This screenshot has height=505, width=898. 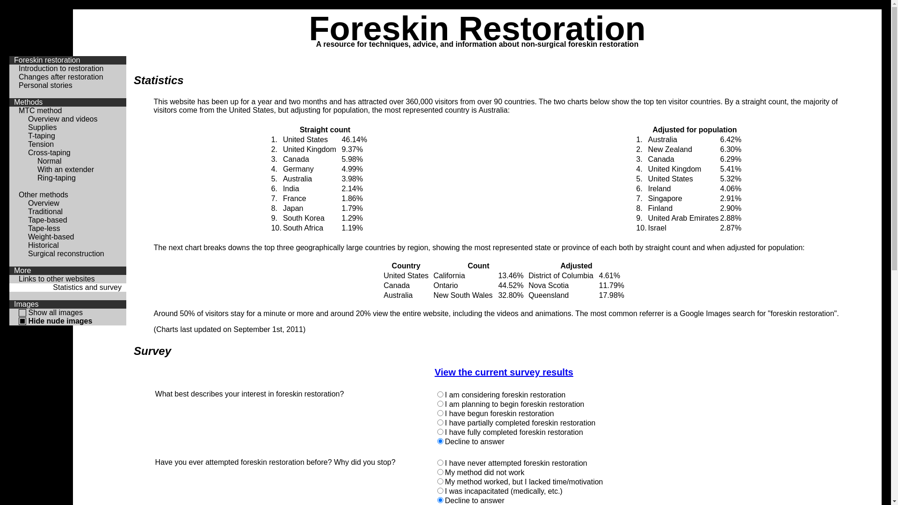 What do you see at coordinates (43, 245) in the screenshot?
I see `'Historical'` at bounding box center [43, 245].